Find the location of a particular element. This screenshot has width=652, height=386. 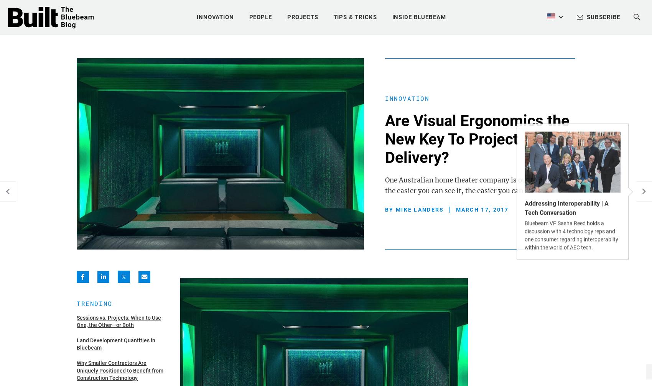

'One Australian home theater company is out to prove that the easier you can see it, the easier you can sell it.' is located at coordinates (385, 185).